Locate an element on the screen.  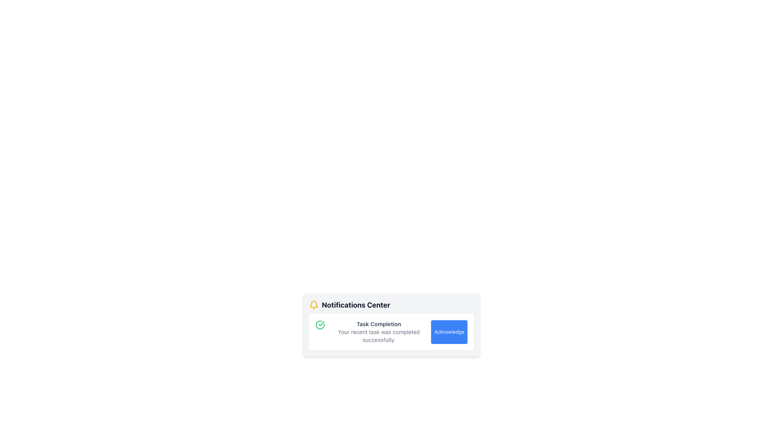
the bright yellow Notifications Center icon located at the top-left corner of the heading 'Notifications Center' is located at coordinates (313, 304).